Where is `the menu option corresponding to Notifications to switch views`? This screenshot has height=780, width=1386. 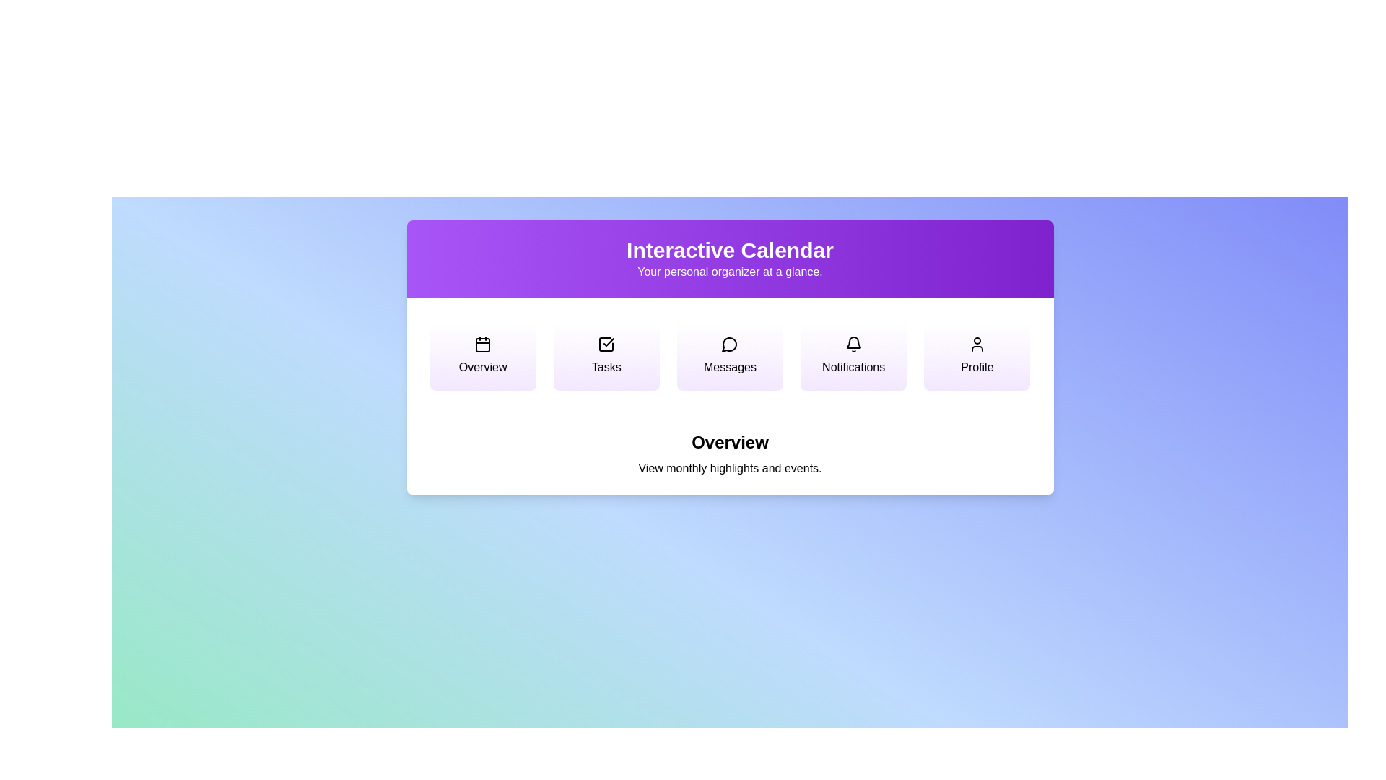 the menu option corresponding to Notifications to switch views is located at coordinates (853, 356).